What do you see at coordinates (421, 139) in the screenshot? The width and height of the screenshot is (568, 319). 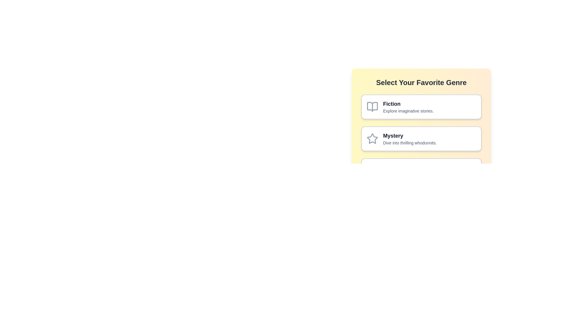 I see `the second clickable card in the genre options list` at bounding box center [421, 139].